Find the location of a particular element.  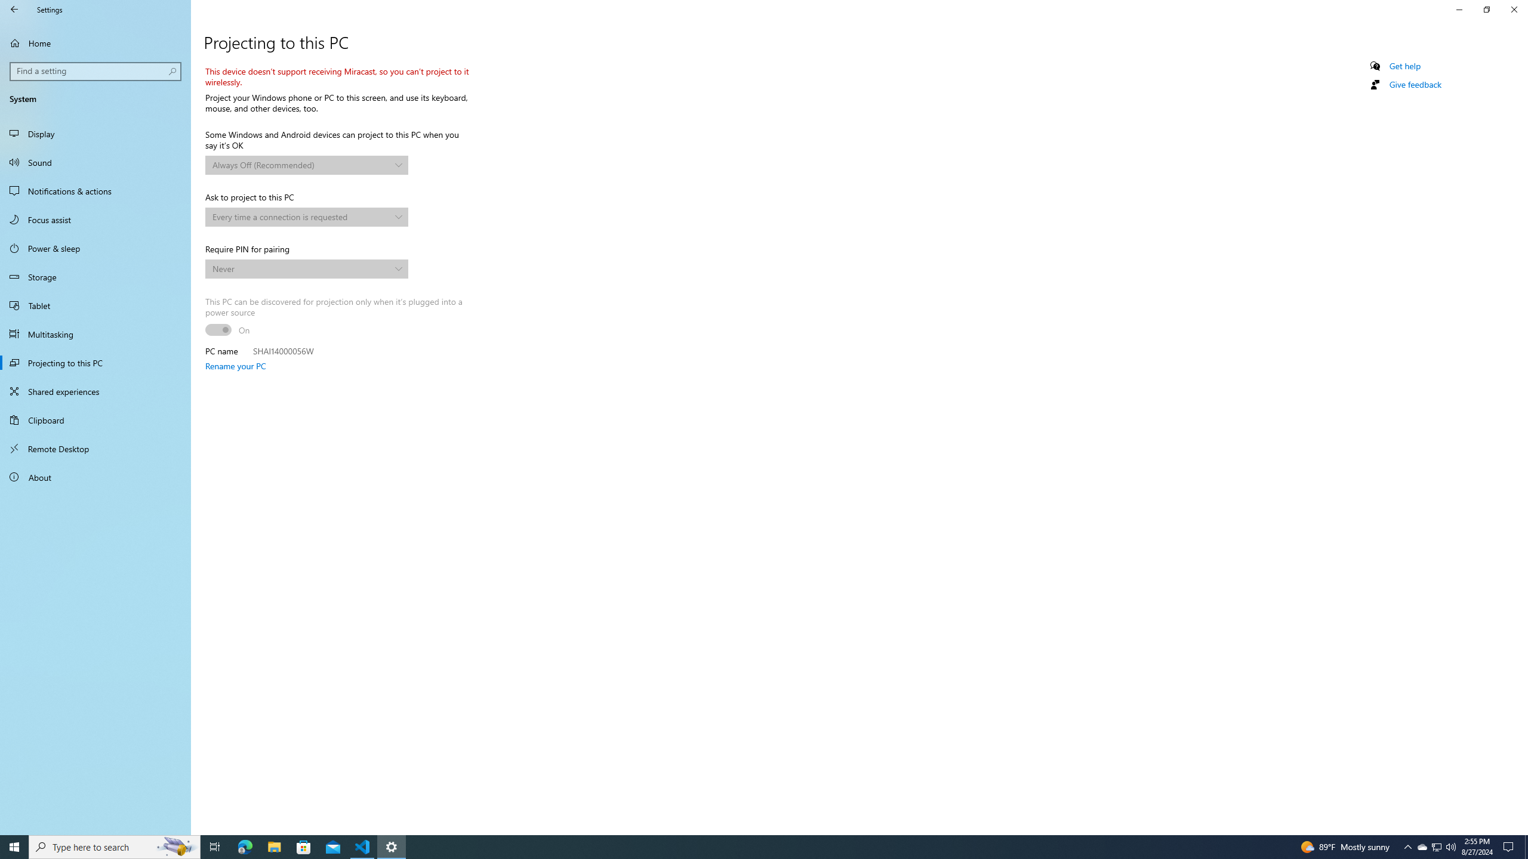

'Search box, Find a setting' is located at coordinates (95, 70).